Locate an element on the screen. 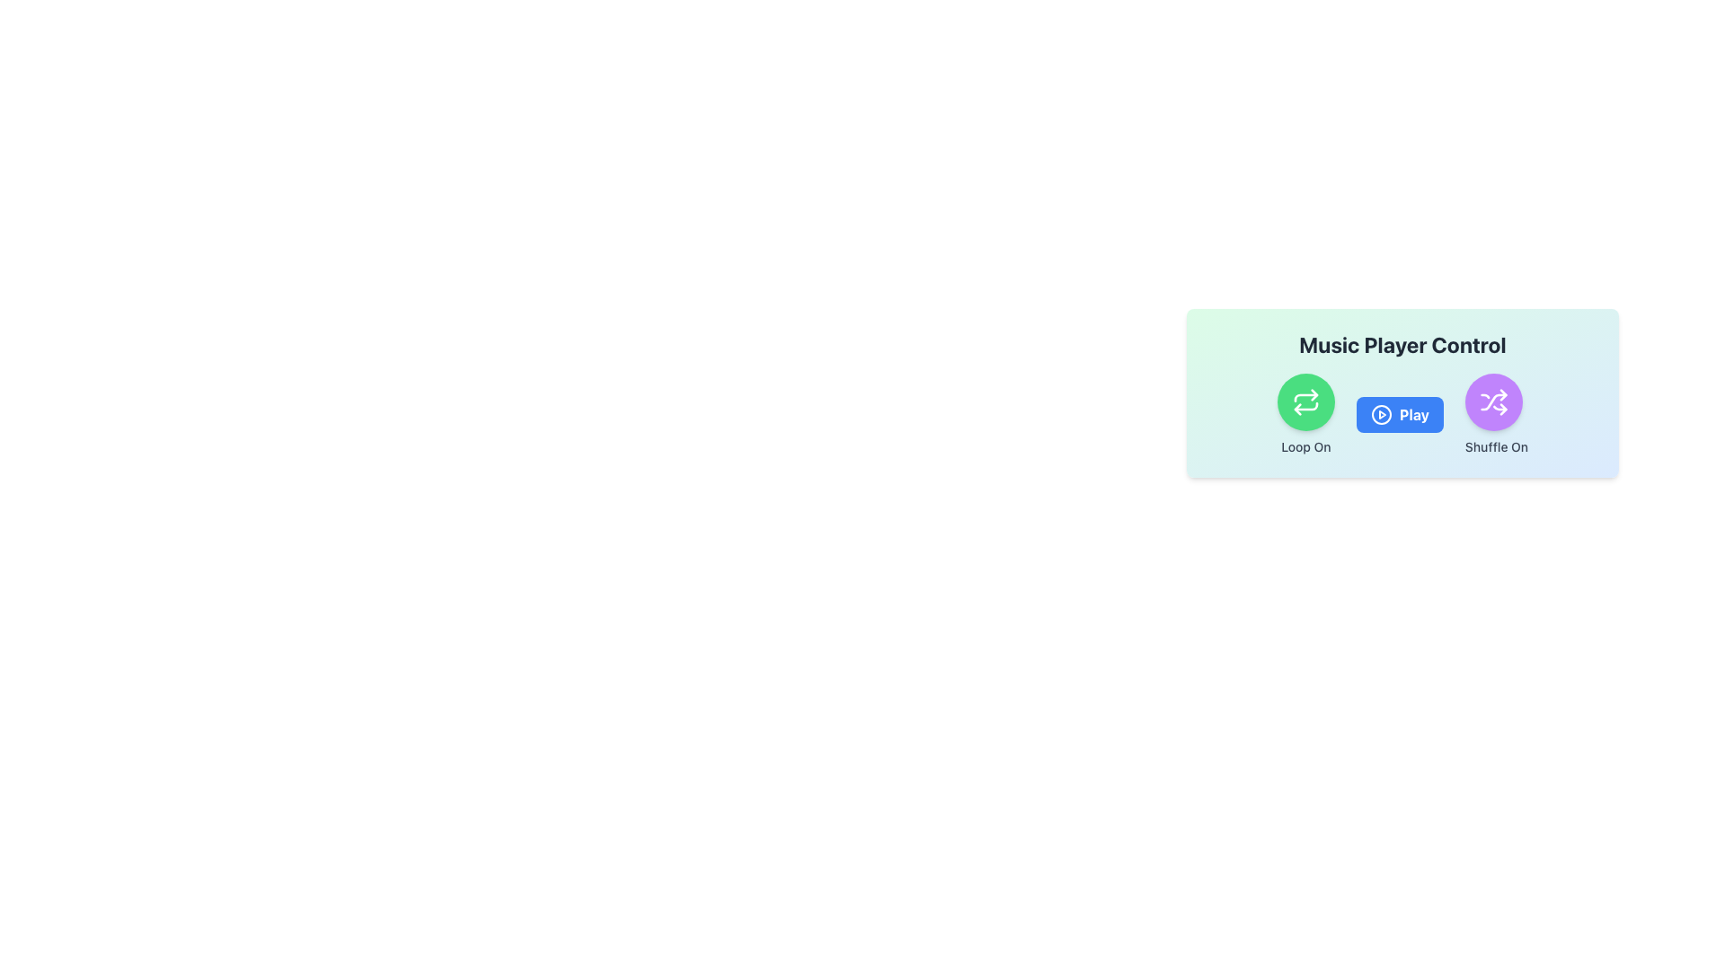  the central 'Play' button is located at coordinates (1402, 392).